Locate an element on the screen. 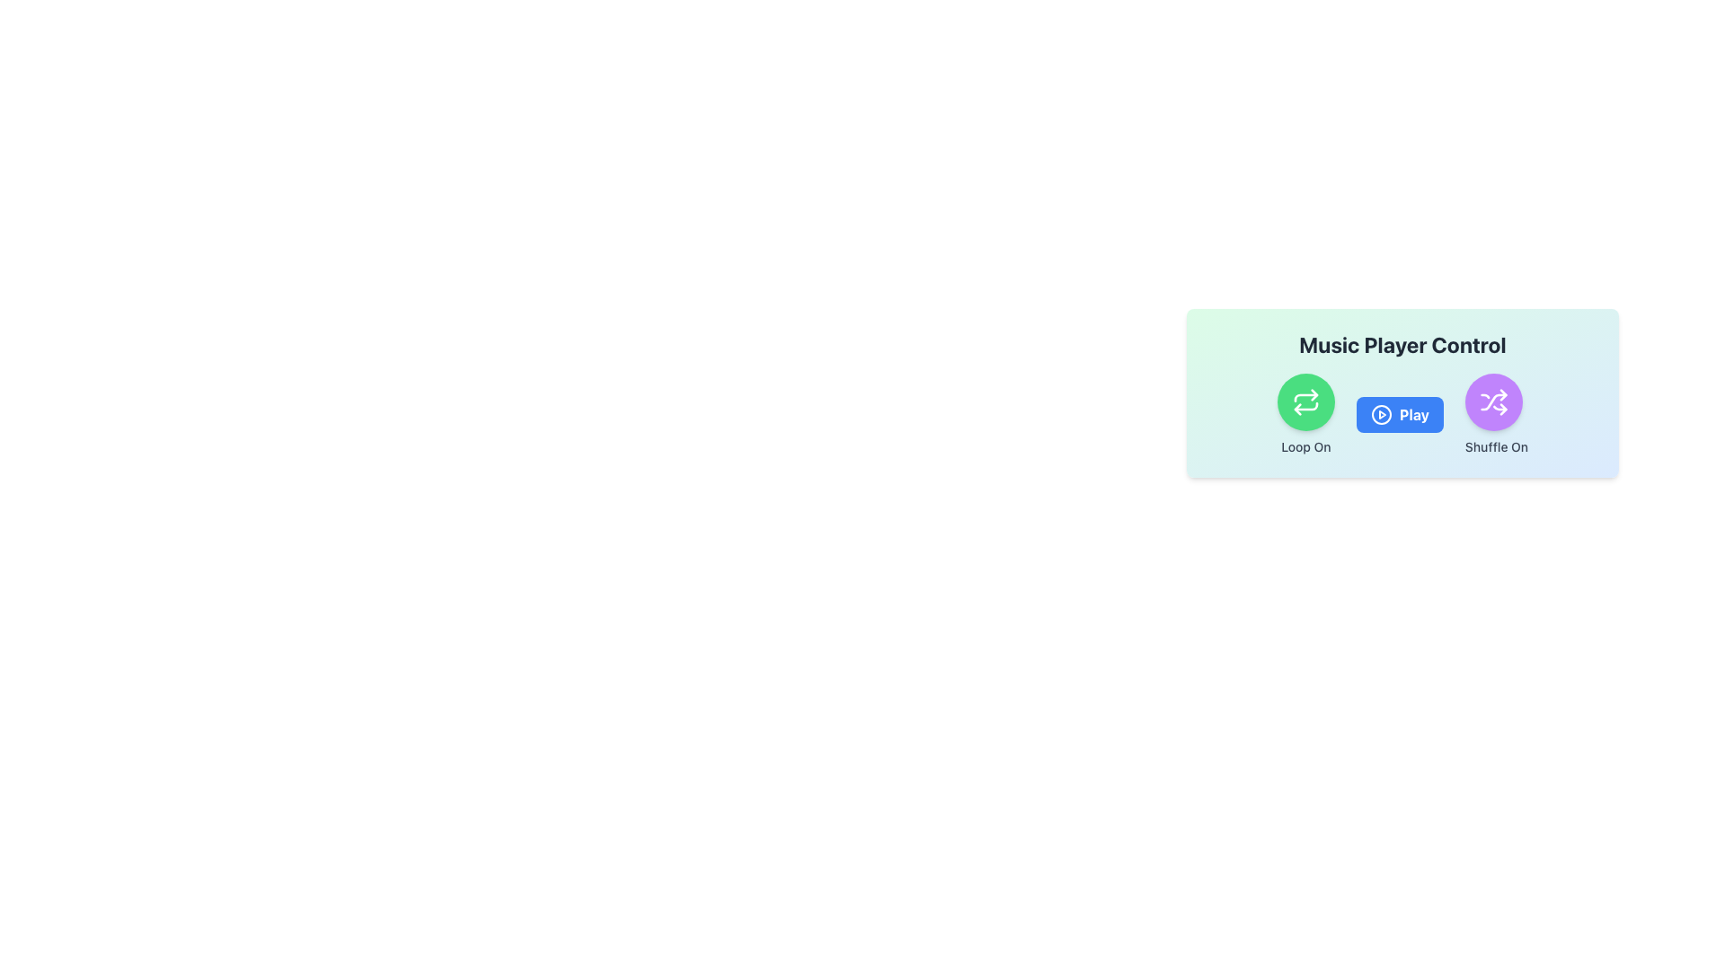  the central 'Play' button is located at coordinates (1402, 392).